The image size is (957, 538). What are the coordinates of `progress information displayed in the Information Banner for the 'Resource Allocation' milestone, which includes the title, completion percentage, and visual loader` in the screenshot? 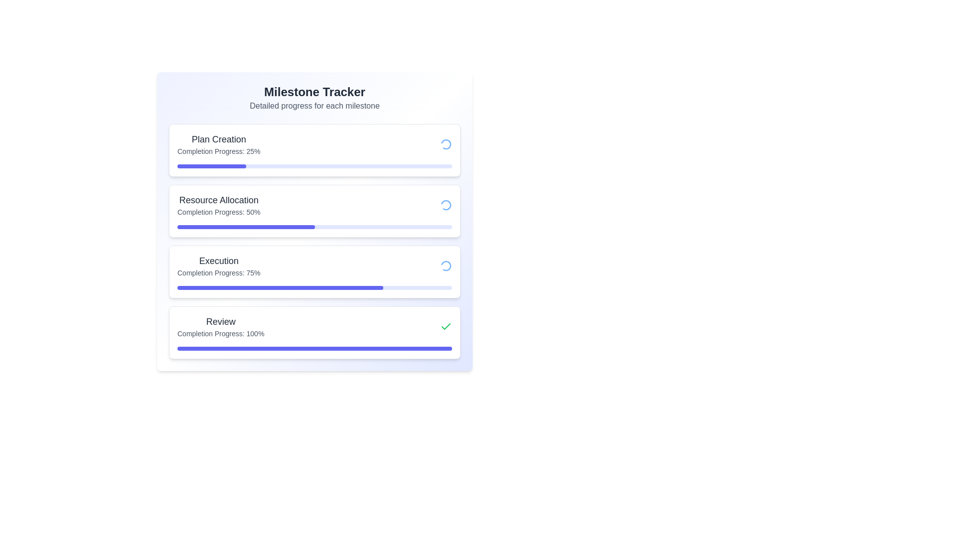 It's located at (314, 205).